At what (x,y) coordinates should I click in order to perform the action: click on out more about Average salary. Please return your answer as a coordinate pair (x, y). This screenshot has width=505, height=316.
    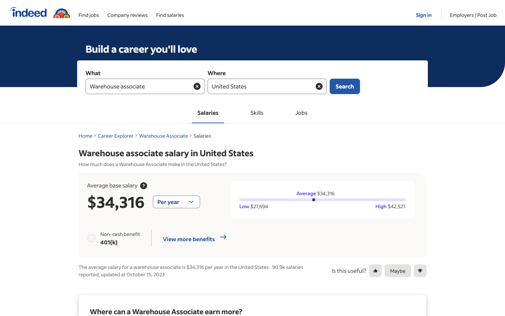
    Looking at the image, I should click on (143, 185).